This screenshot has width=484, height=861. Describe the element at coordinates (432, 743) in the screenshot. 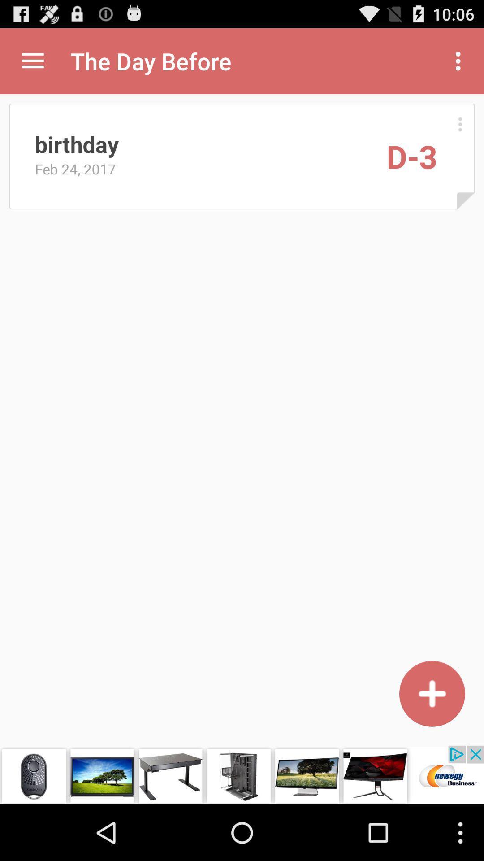

I see `the add icon` at that location.